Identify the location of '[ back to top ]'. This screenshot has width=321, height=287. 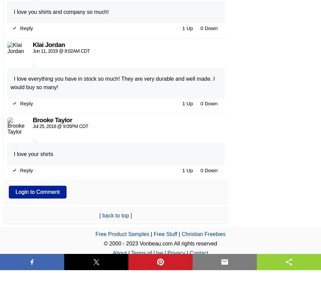
(99, 46).